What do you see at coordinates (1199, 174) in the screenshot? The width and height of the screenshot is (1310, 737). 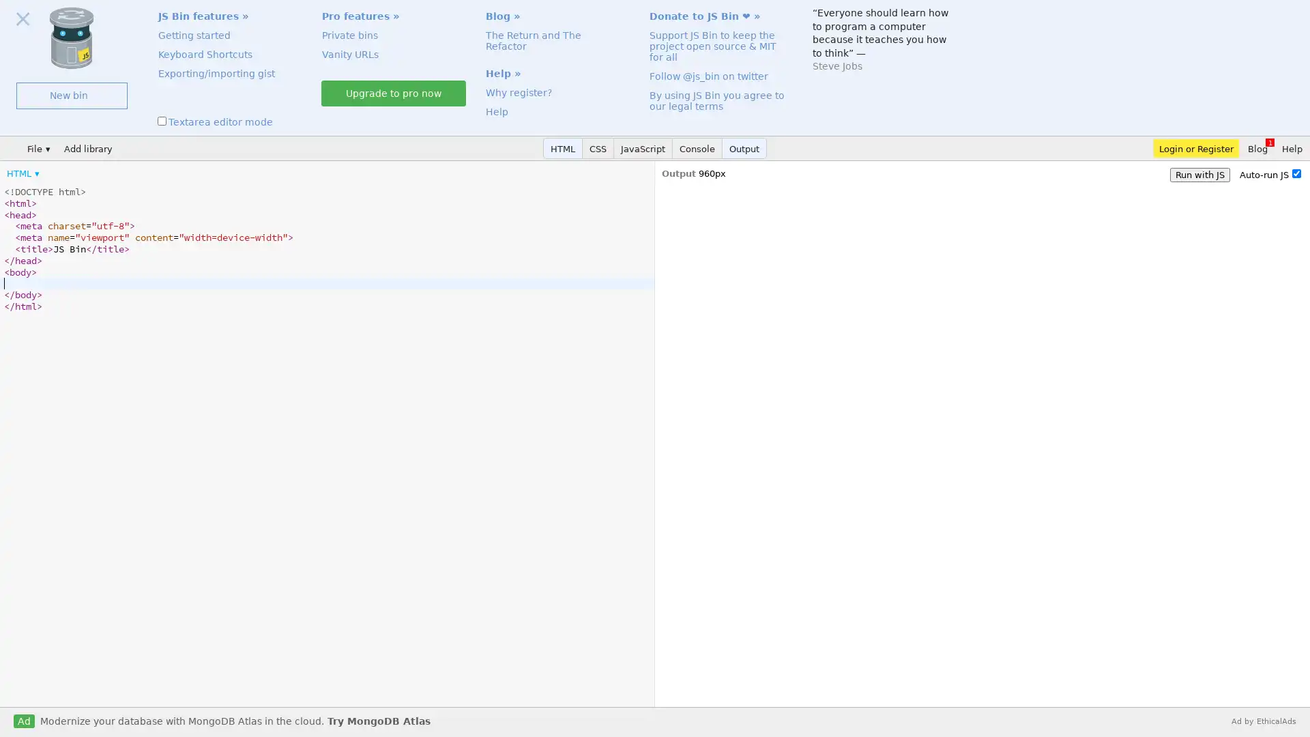 I see `Run with JS` at bounding box center [1199, 174].